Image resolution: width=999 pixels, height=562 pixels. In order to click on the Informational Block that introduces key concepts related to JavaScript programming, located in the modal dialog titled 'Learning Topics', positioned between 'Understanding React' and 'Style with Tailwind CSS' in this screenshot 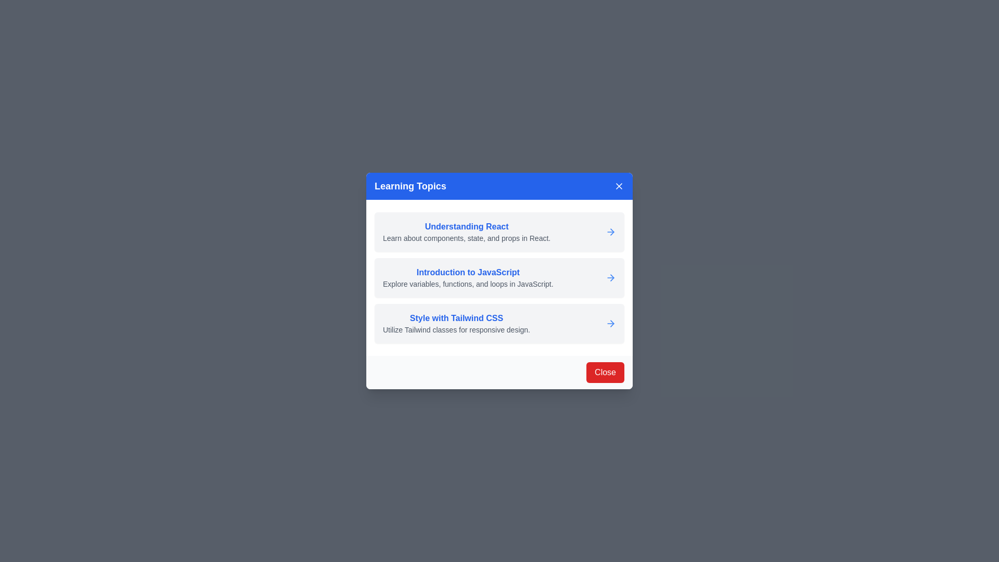, I will do `click(499, 277)`.